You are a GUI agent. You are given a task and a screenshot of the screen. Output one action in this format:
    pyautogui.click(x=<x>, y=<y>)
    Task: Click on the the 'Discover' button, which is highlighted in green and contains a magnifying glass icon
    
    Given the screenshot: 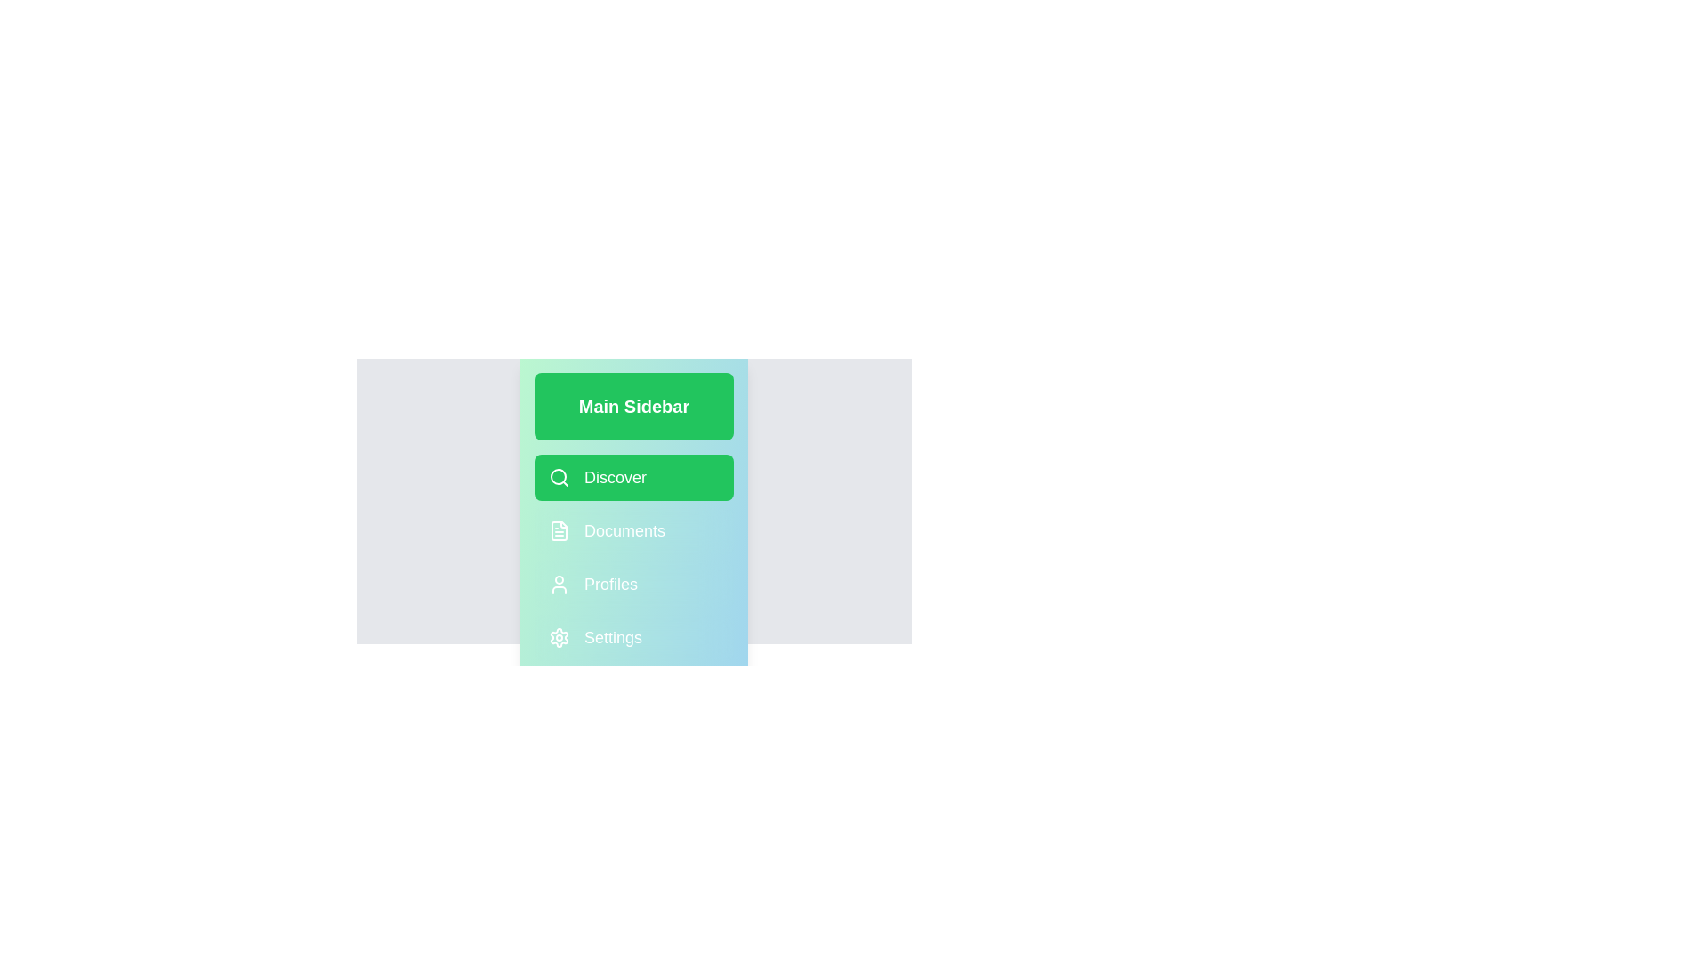 What is the action you would take?
    pyautogui.click(x=634, y=501)
    